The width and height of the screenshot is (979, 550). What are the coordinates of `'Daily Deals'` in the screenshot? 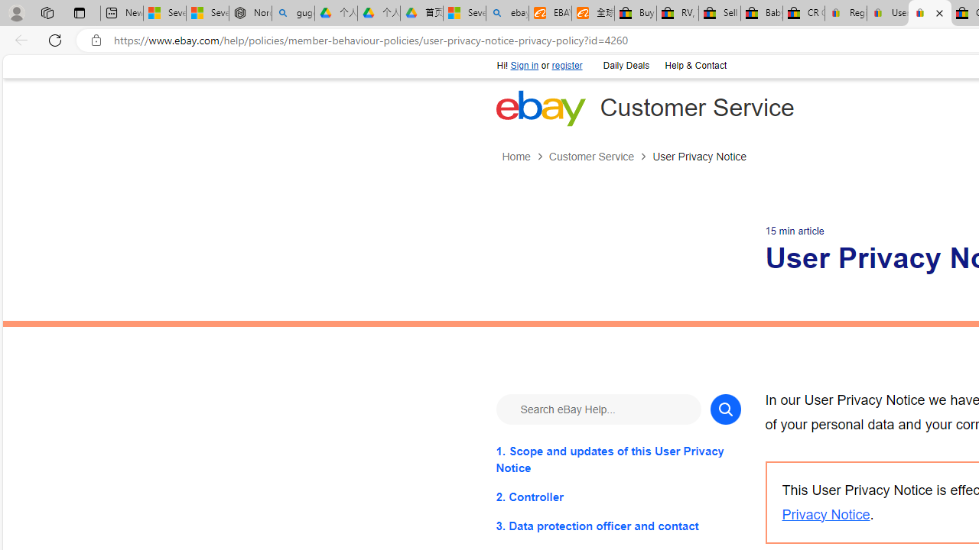 It's located at (626, 66).